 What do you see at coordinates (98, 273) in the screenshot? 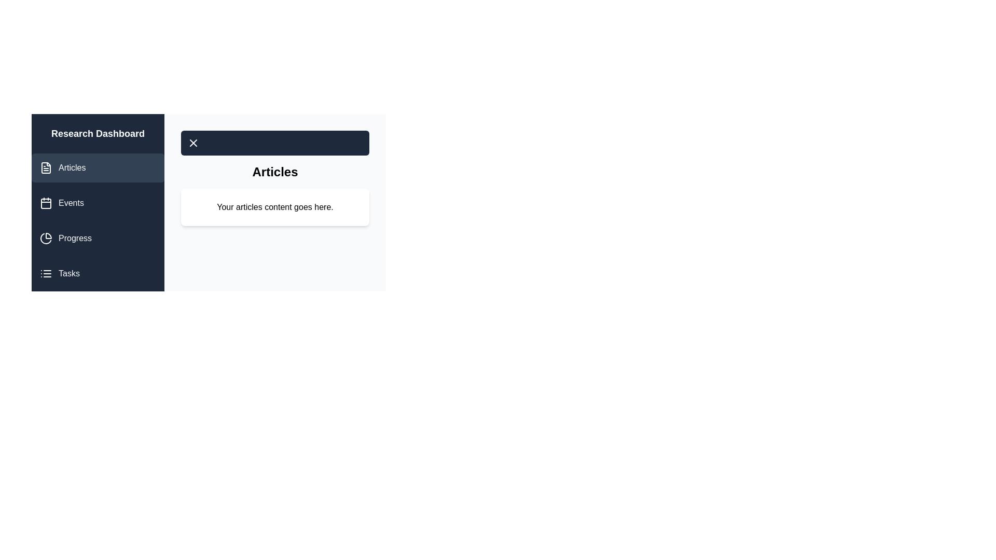
I see `the Tasks section in the sidebar to navigate` at bounding box center [98, 273].